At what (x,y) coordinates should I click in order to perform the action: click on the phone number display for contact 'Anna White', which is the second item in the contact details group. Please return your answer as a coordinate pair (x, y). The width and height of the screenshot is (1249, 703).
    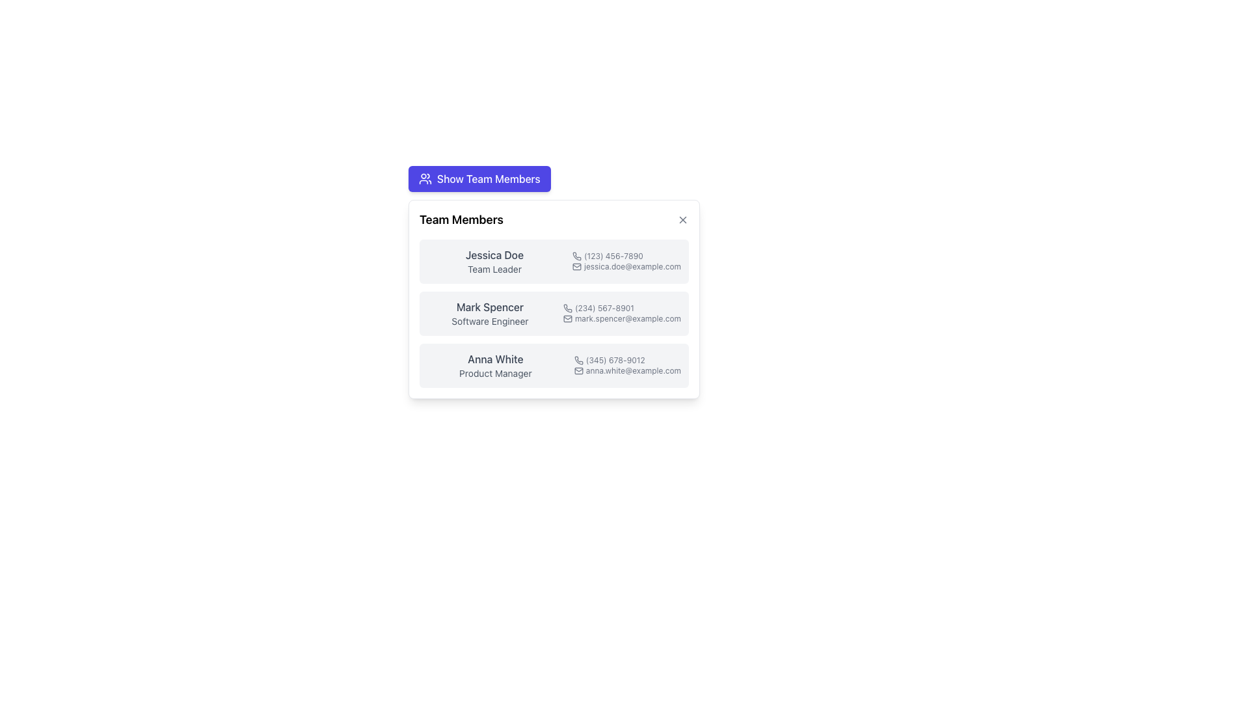
    Looking at the image, I should click on (627, 361).